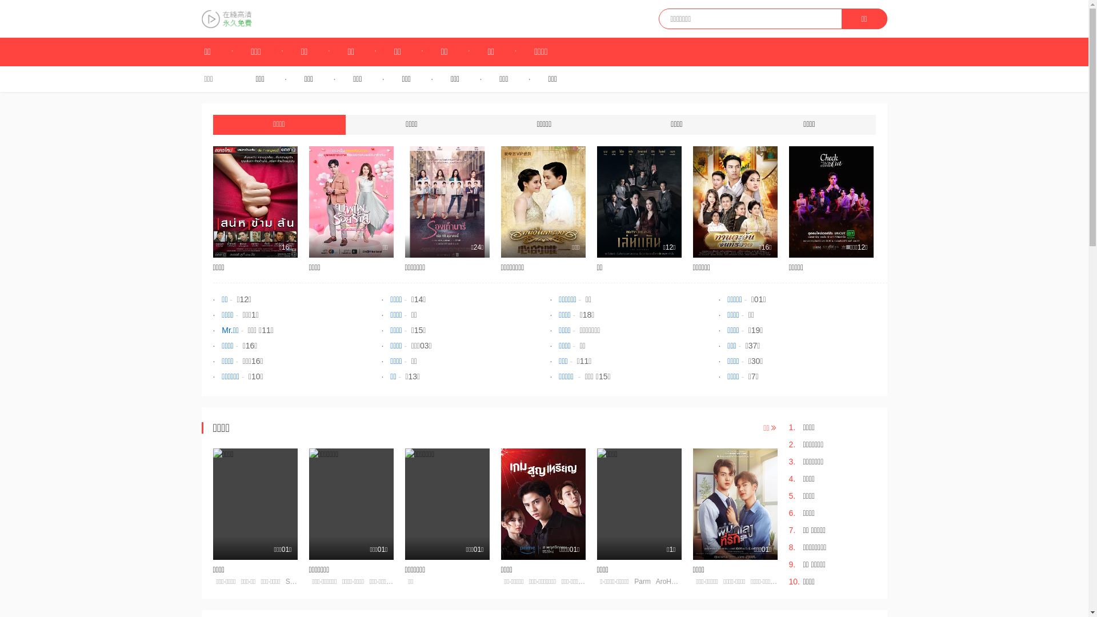  Describe the element at coordinates (285, 582) in the screenshot. I see `'Sailub'` at that location.